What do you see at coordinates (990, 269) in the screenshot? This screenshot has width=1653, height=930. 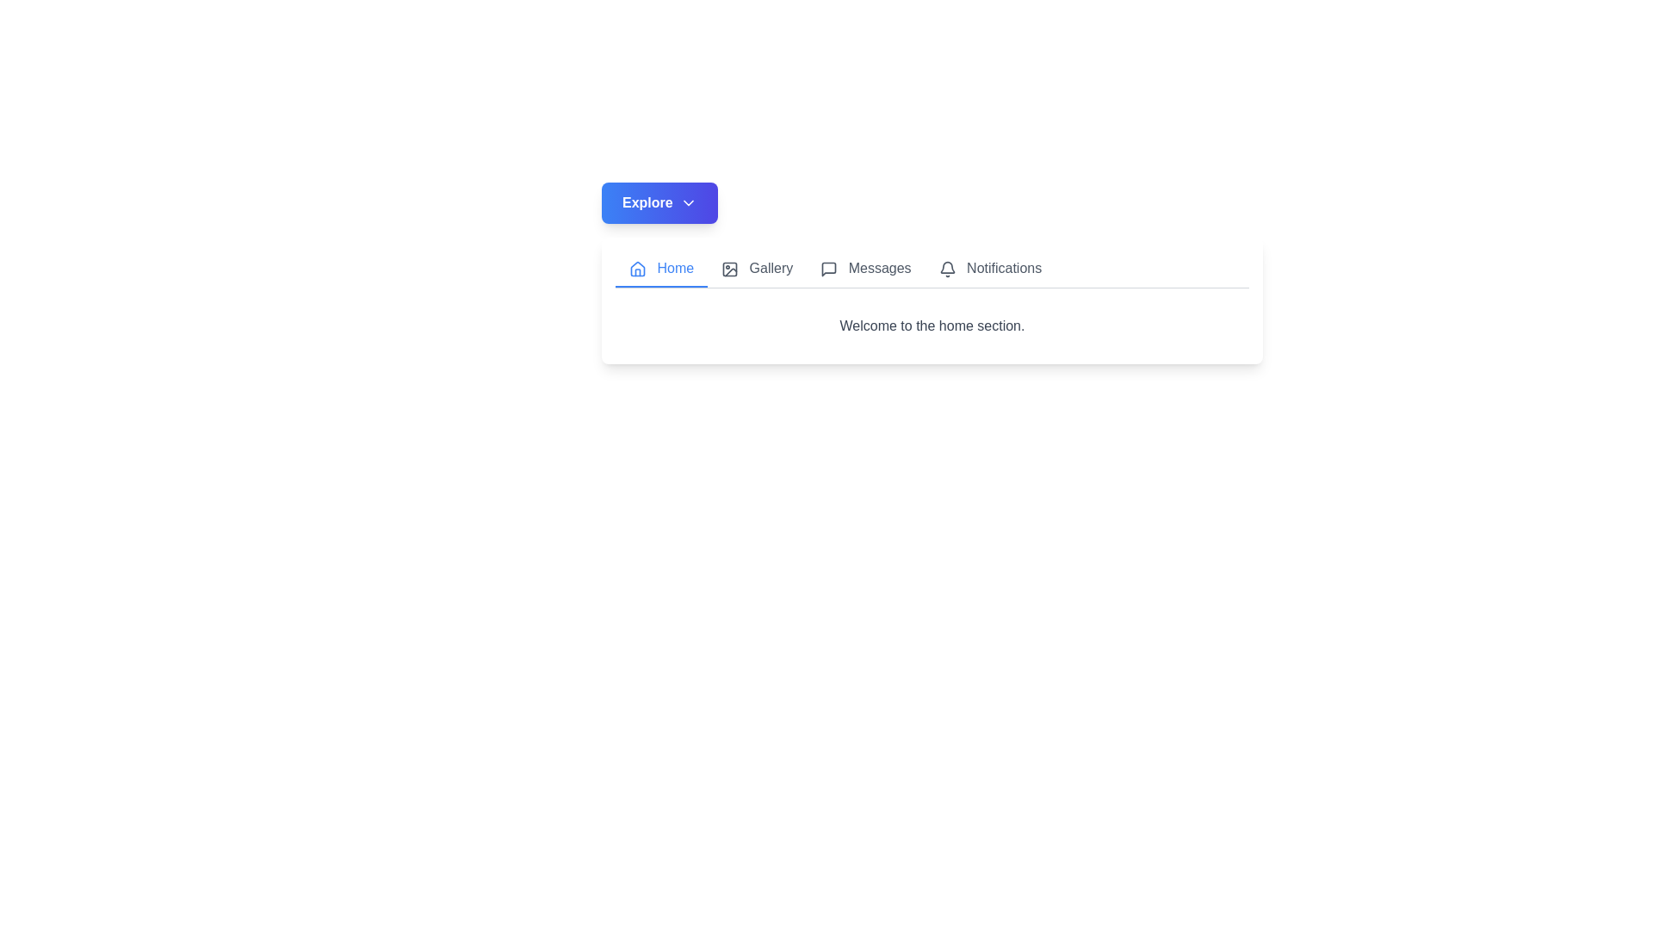 I see `the 'Notifications' Navigation Tab, which displays a bell icon and is the fourth item in the horizontal navigation bar` at bounding box center [990, 269].